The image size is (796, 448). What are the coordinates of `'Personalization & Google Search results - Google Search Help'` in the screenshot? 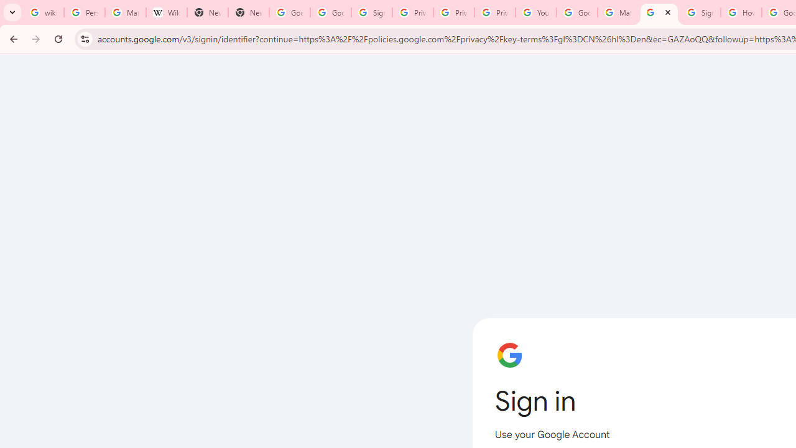 It's located at (83, 12).